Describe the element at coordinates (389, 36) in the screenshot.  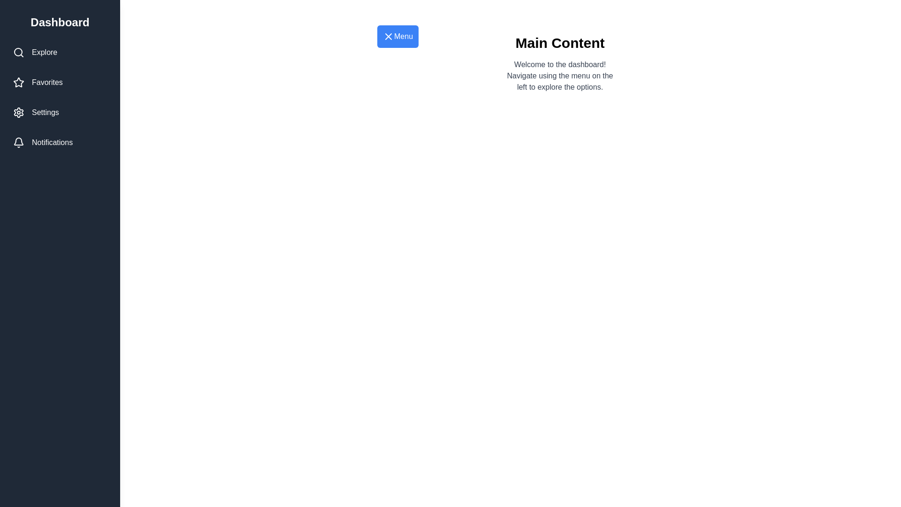
I see `the diagonal cross icon, which is a minimalist X-shape with a bold outline, located within a blue button next to the 'Menu' text` at that location.